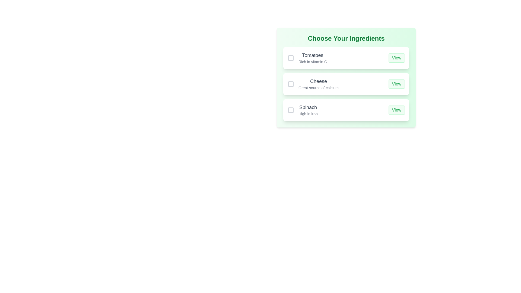 This screenshot has height=293, width=521. What do you see at coordinates (318, 84) in the screenshot?
I see `the Text display element that shows the name and description of 'Cheese' located centrally within the card, to the right of the checkbox, and to the left of the 'View' button` at bounding box center [318, 84].